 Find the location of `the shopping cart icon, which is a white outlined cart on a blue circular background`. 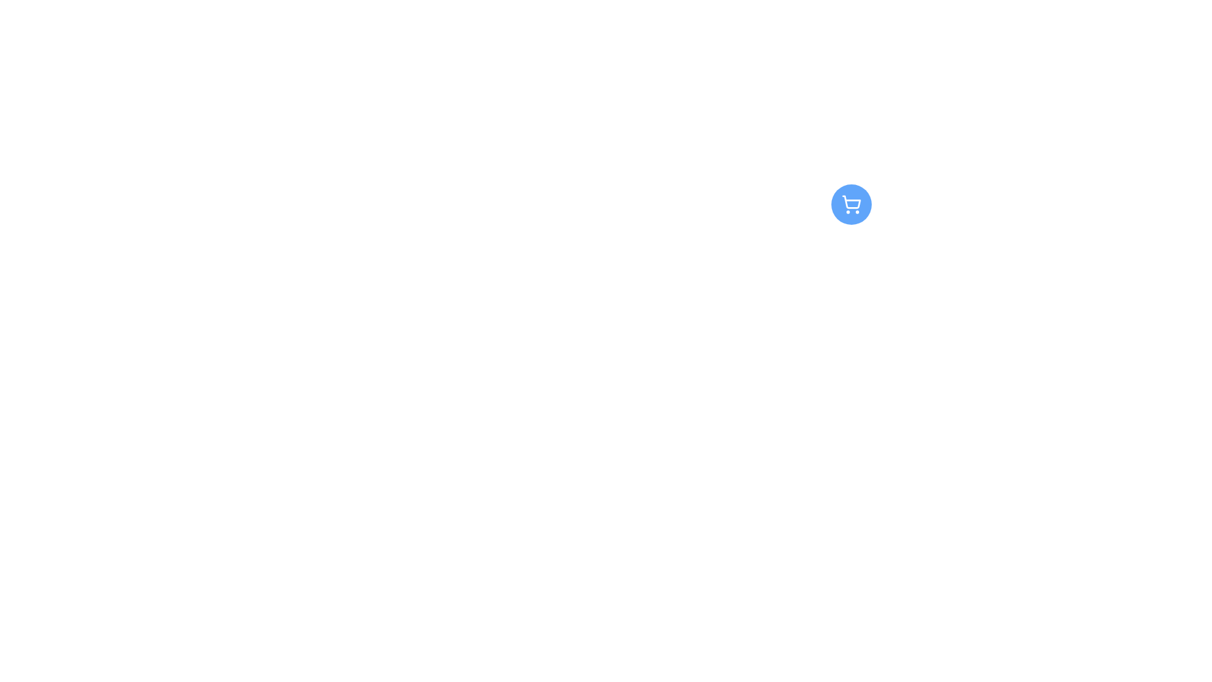

the shopping cart icon, which is a white outlined cart on a blue circular background is located at coordinates (851, 204).